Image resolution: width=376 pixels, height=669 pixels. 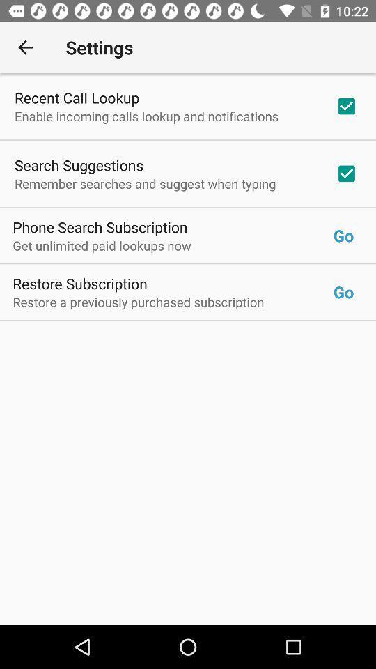 What do you see at coordinates (100, 226) in the screenshot?
I see `item above the get unlimited paid icon` at bounding box center [100, 226].